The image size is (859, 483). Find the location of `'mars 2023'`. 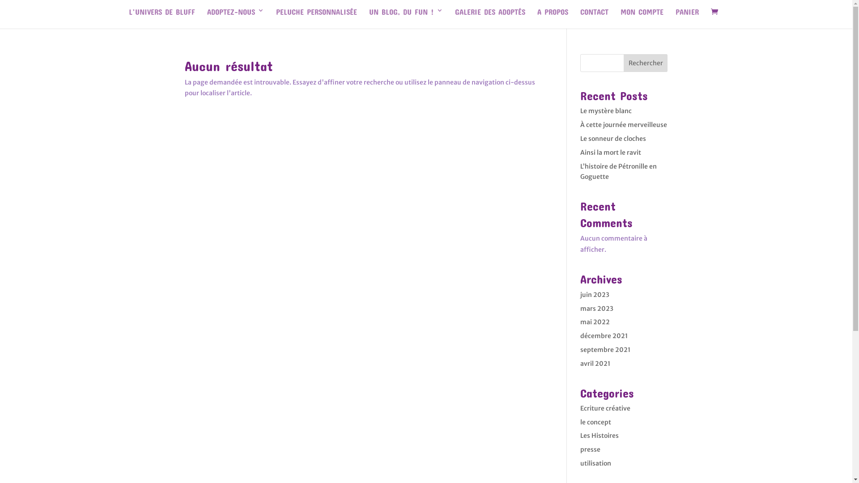

'mars 2023' is located at coordinates (597, 308).